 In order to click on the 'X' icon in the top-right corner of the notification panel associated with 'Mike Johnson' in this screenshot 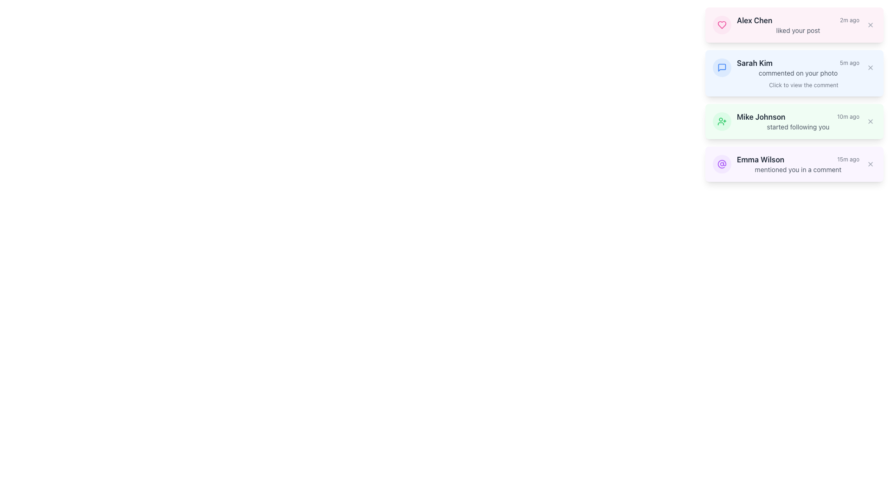, I will do `click(870, 121)`.